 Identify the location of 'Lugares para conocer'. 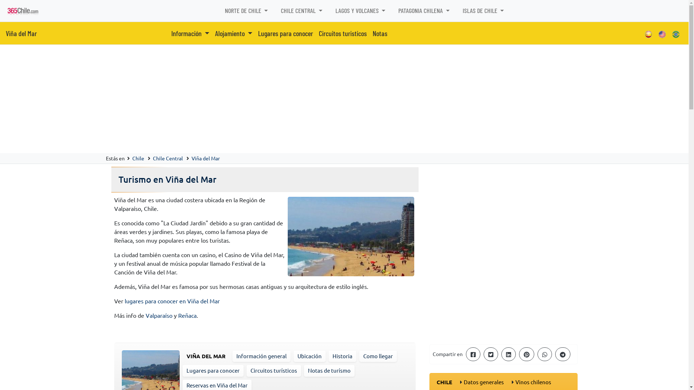
(213, 370).